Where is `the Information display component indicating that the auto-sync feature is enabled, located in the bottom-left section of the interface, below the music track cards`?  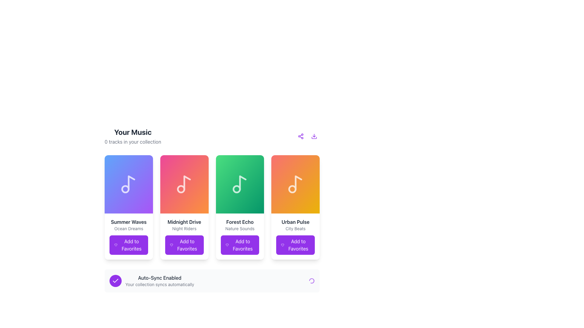
the Information display component indicating that the auto-sync feature is enabled, located in the bottom-left section of the interface, below the music track cards is located at coordinates (152, 281).